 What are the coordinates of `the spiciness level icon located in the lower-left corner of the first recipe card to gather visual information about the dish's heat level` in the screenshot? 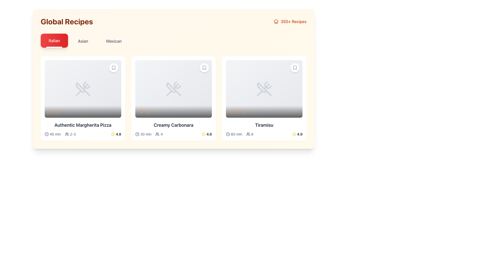 It's located at (50, 111).